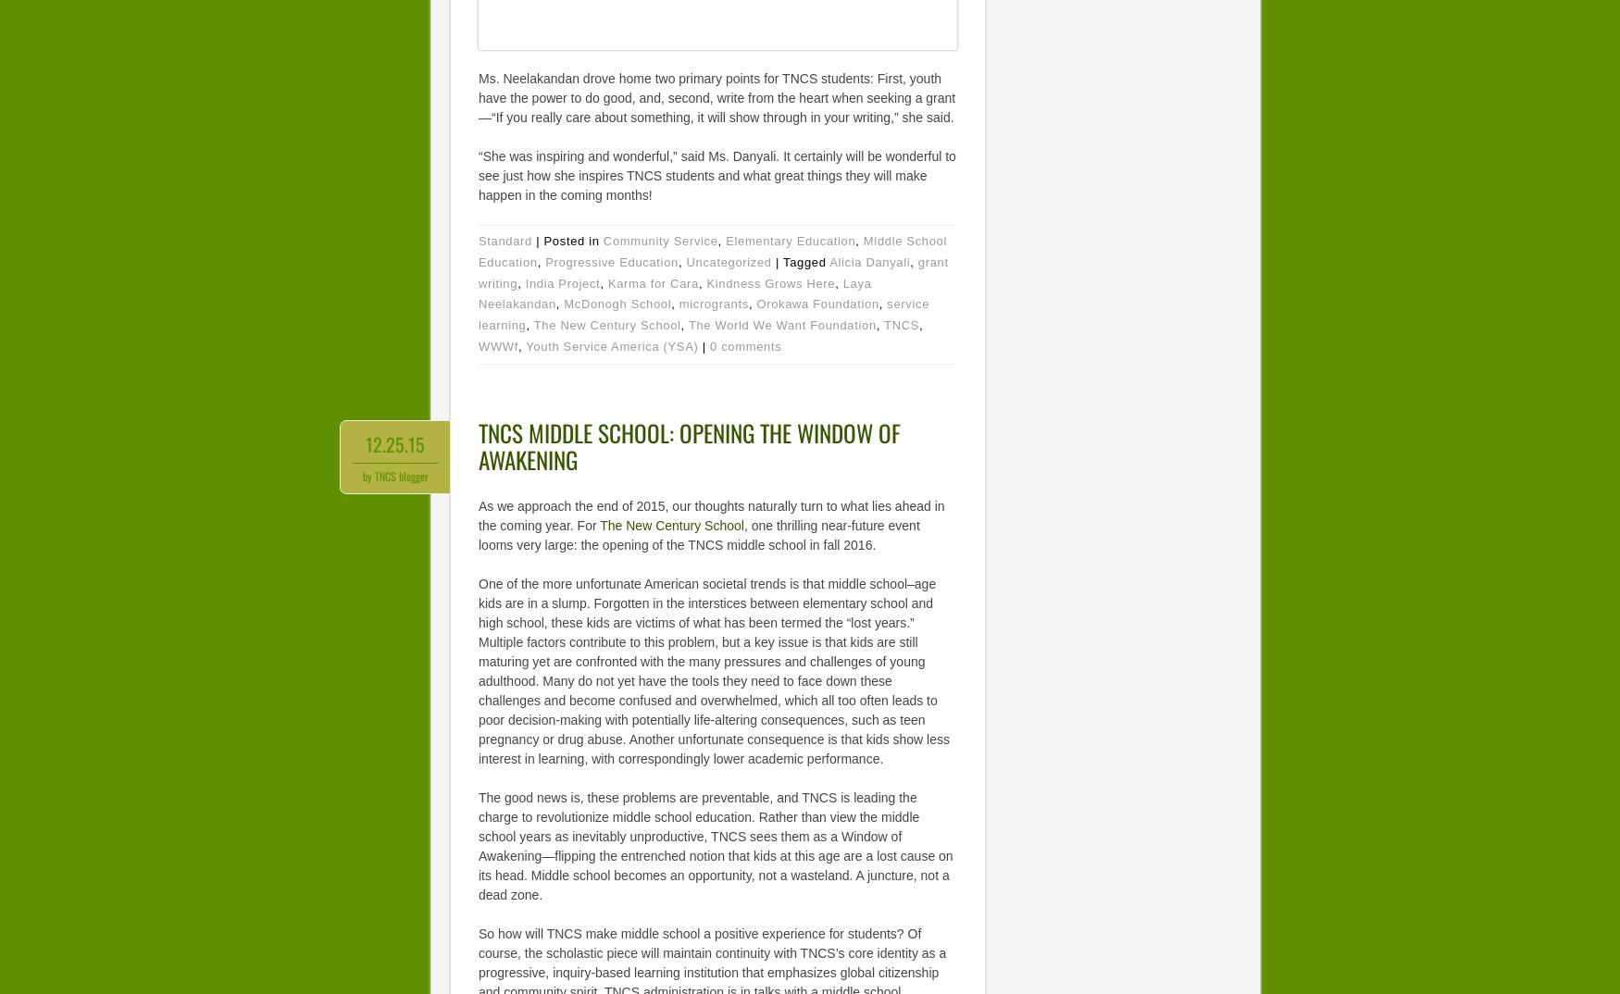 Image resolution: width=1620 pixels, height=994 pixels. What do you see at coordinates (497, 344) in the screenshot?
I see `'WWWf'` at bounding box center [497, 344].